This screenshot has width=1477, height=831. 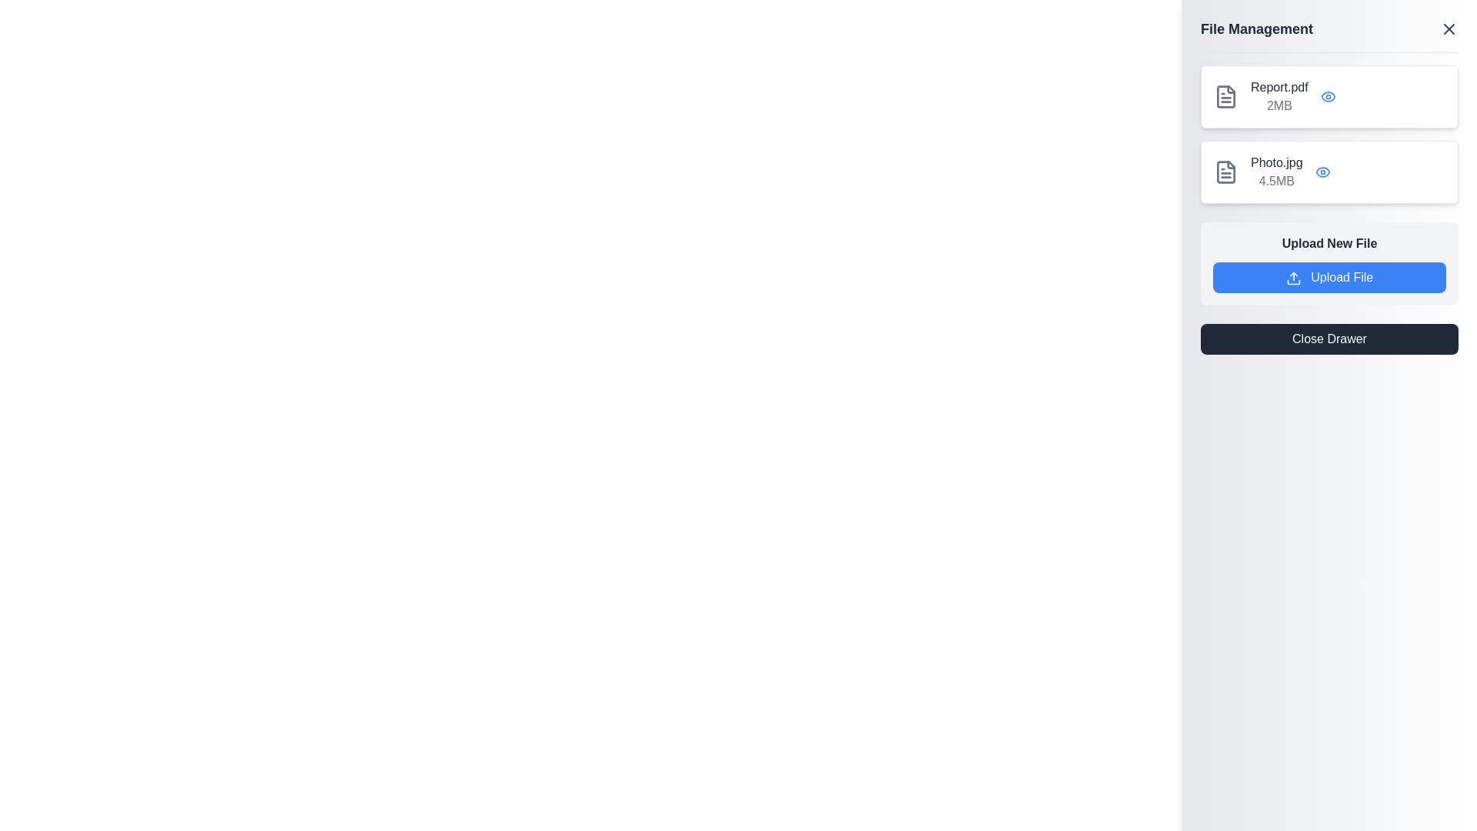 What do you see at coordinates (1279, 105) in the screenshot?
I see `the Text label that indicates the file size of the 'Report.pdf' document, located below the file name in the file management panel` at bounding box center [1279, 105].